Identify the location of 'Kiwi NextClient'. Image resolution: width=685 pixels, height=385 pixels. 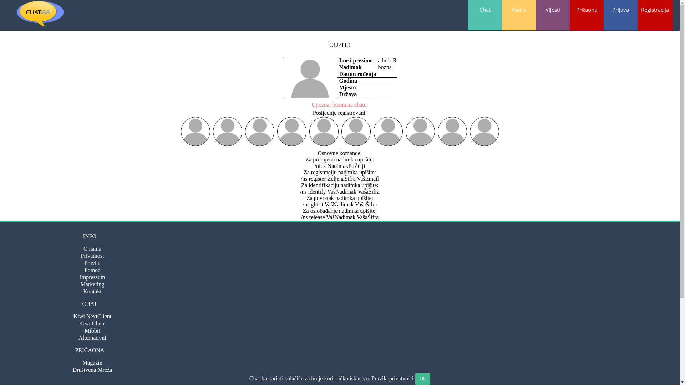
(92, 316).